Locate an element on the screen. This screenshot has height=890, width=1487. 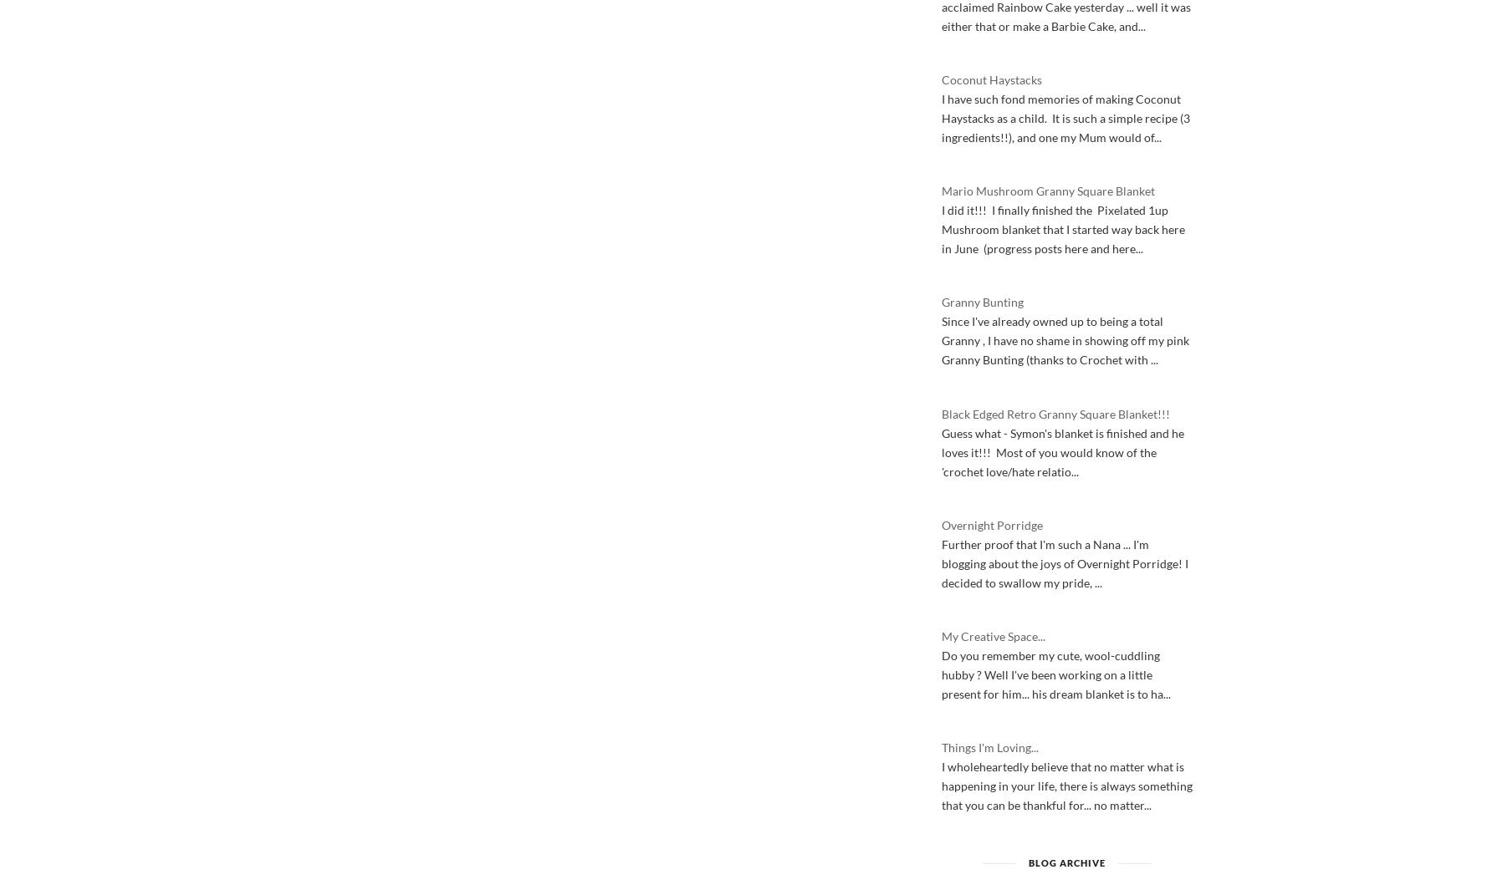
'I did it!!!  I finally finished the  Pixelated 1up Mushroom blanket that I started way back here in June  (progress posts here  and here...' is located at coordinates (1062, 228).